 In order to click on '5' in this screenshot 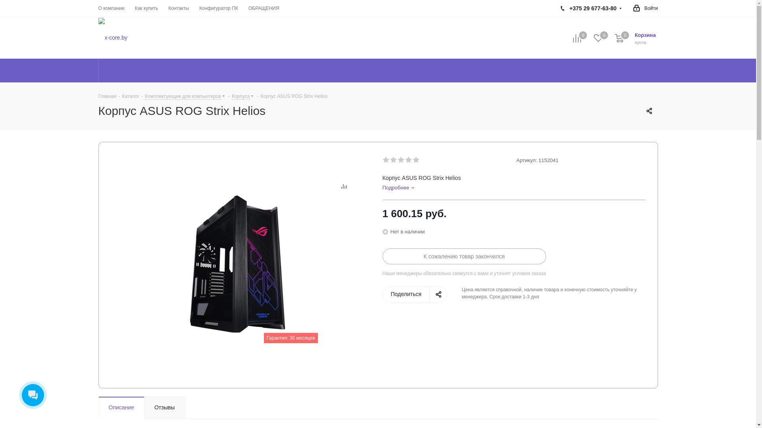, I will do `click(416, 160)`.